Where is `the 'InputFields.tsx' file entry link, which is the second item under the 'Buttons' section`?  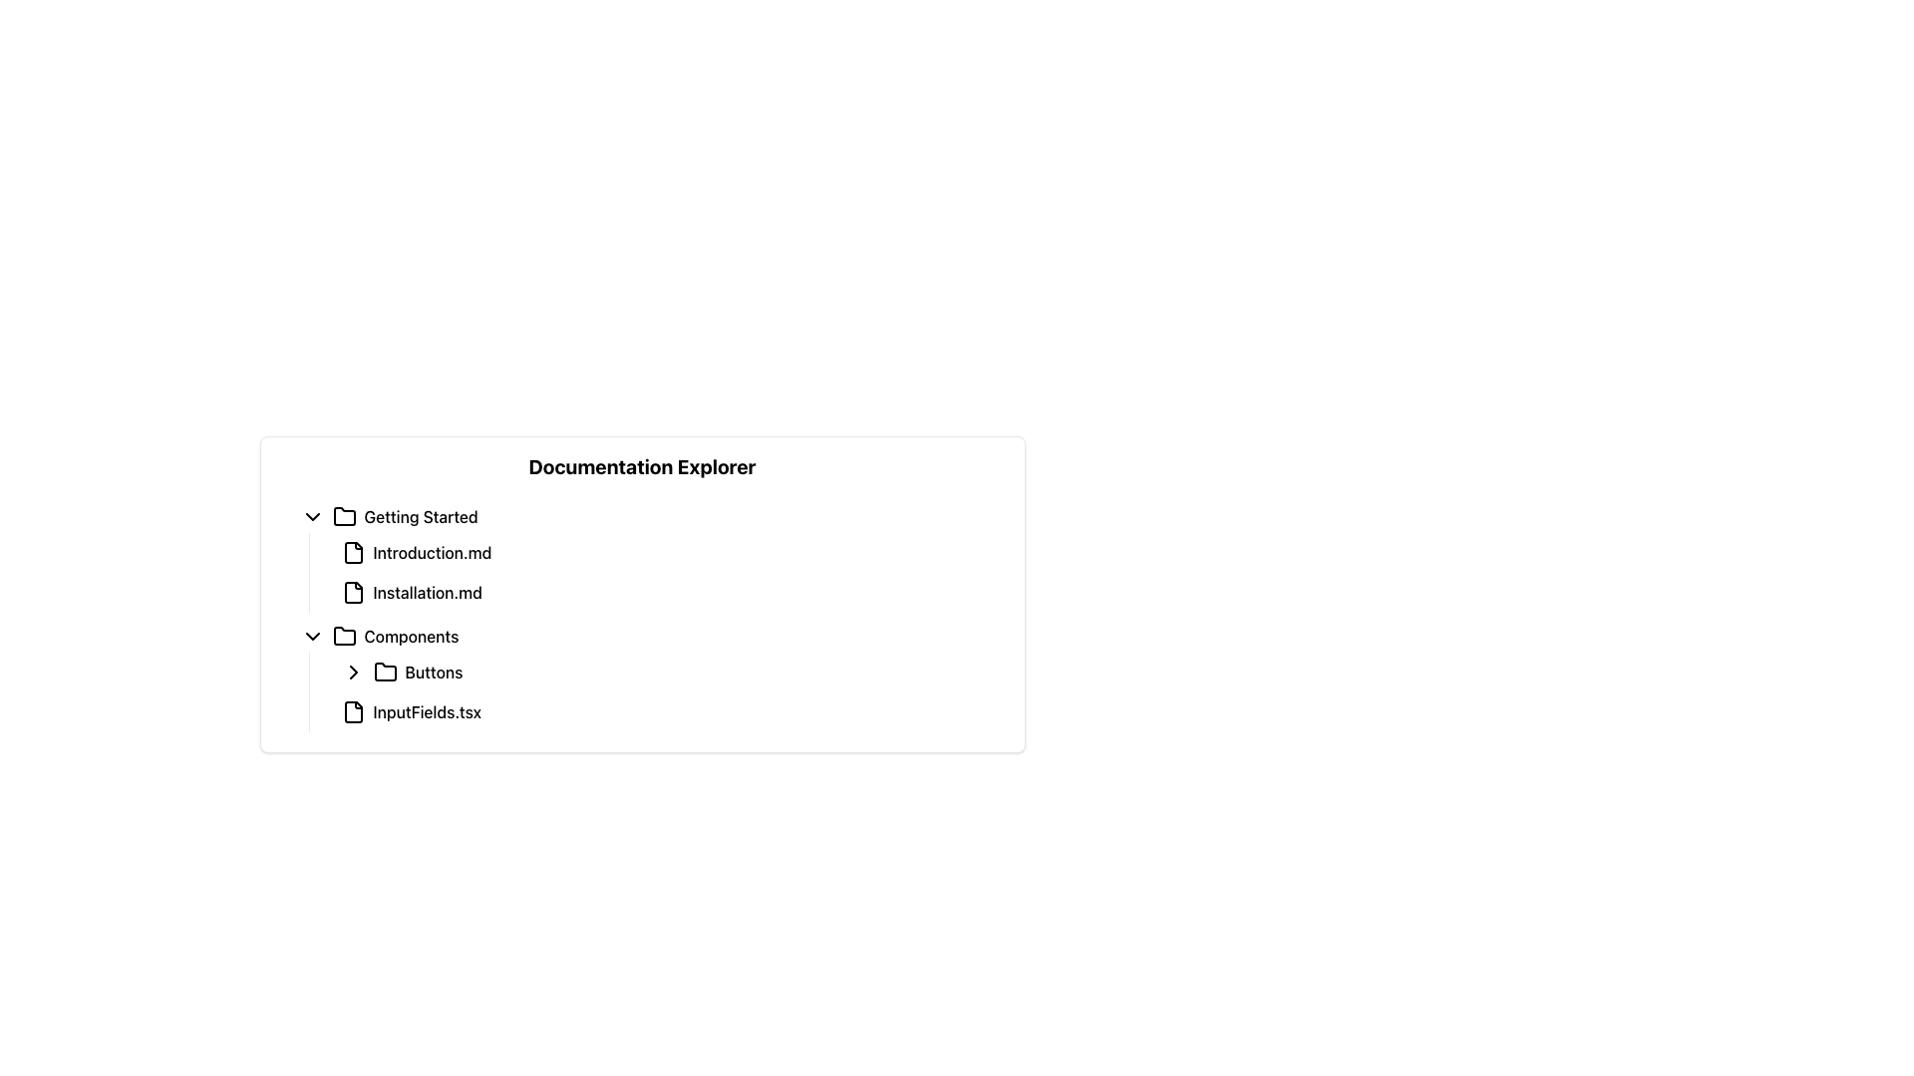
the 'InputFields.tsx' file entry link, which is the second item under the 'Buttons' section is located at coordinates (670, 710).